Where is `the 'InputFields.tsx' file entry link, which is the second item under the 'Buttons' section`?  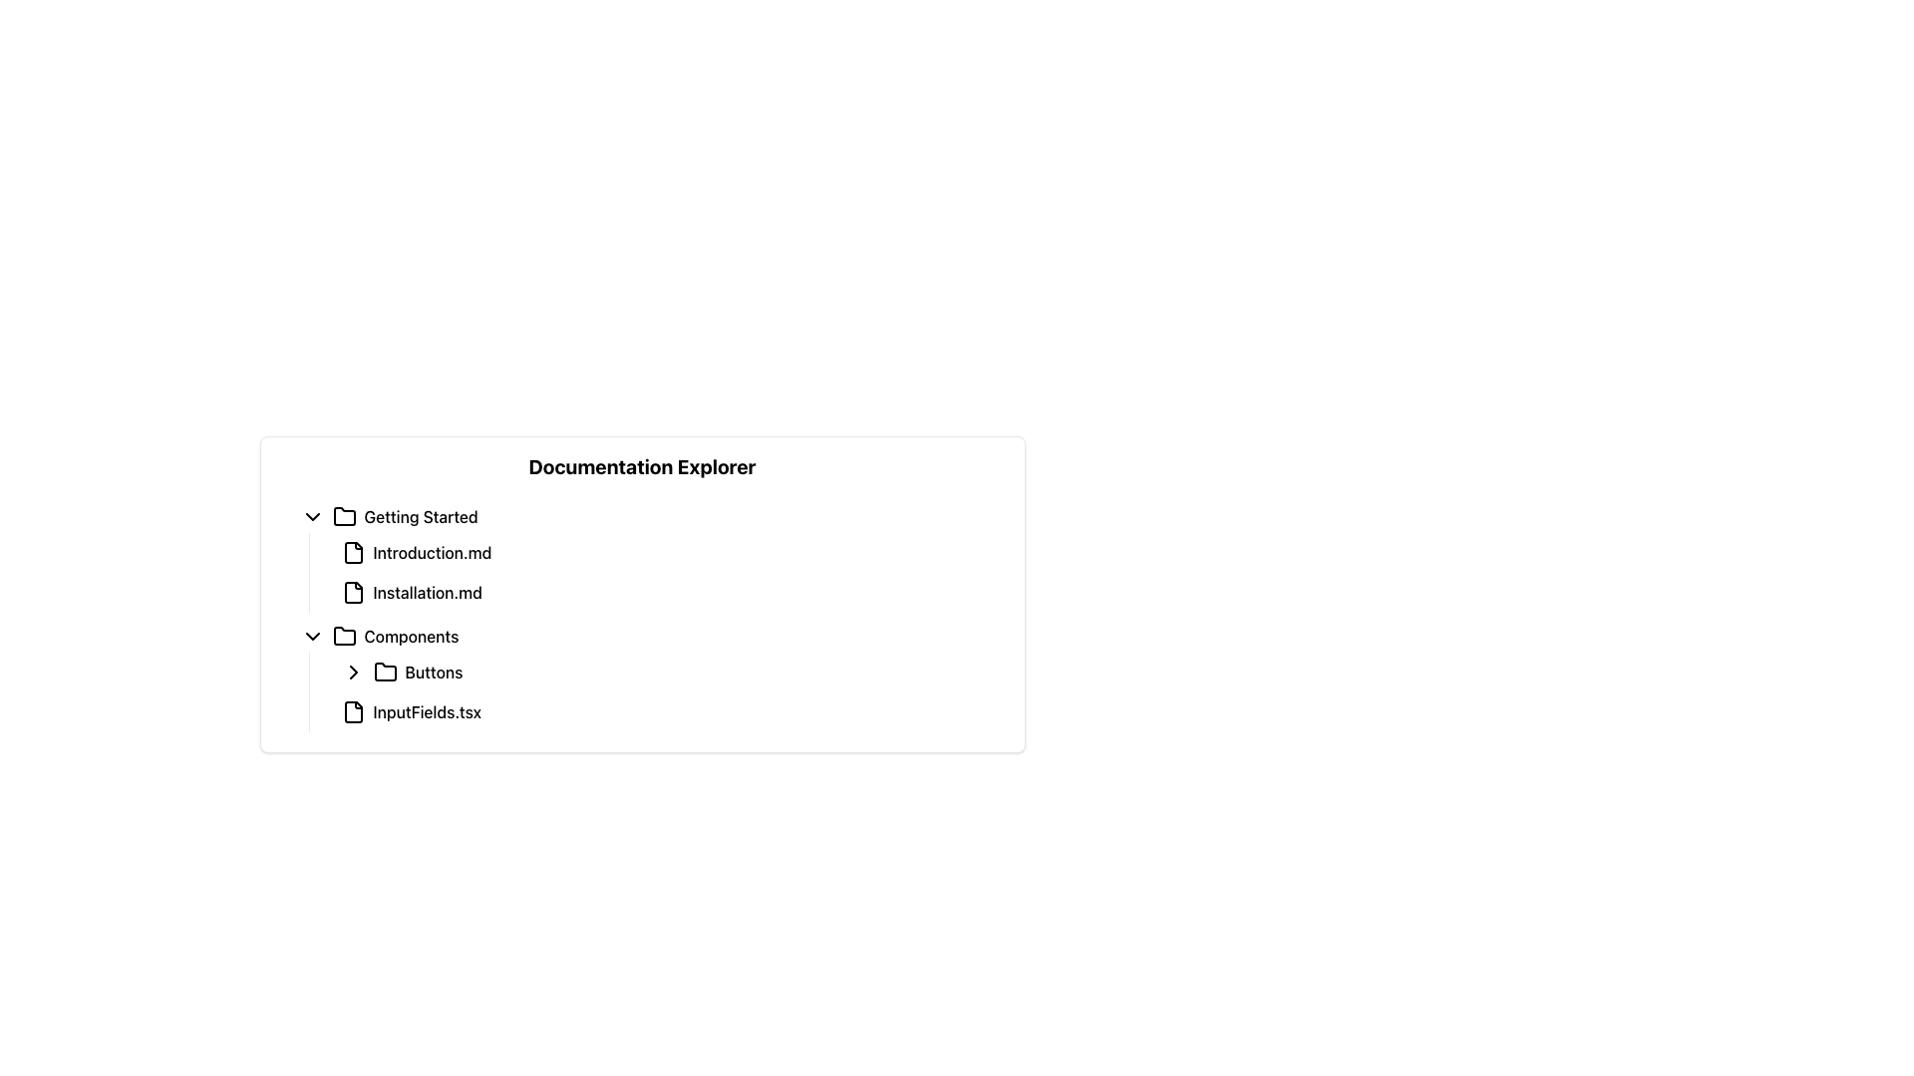
the 'InputFields.tsx' file entry link, which is the second item under the 'Buttons' section is located at coordinates (670, 710).